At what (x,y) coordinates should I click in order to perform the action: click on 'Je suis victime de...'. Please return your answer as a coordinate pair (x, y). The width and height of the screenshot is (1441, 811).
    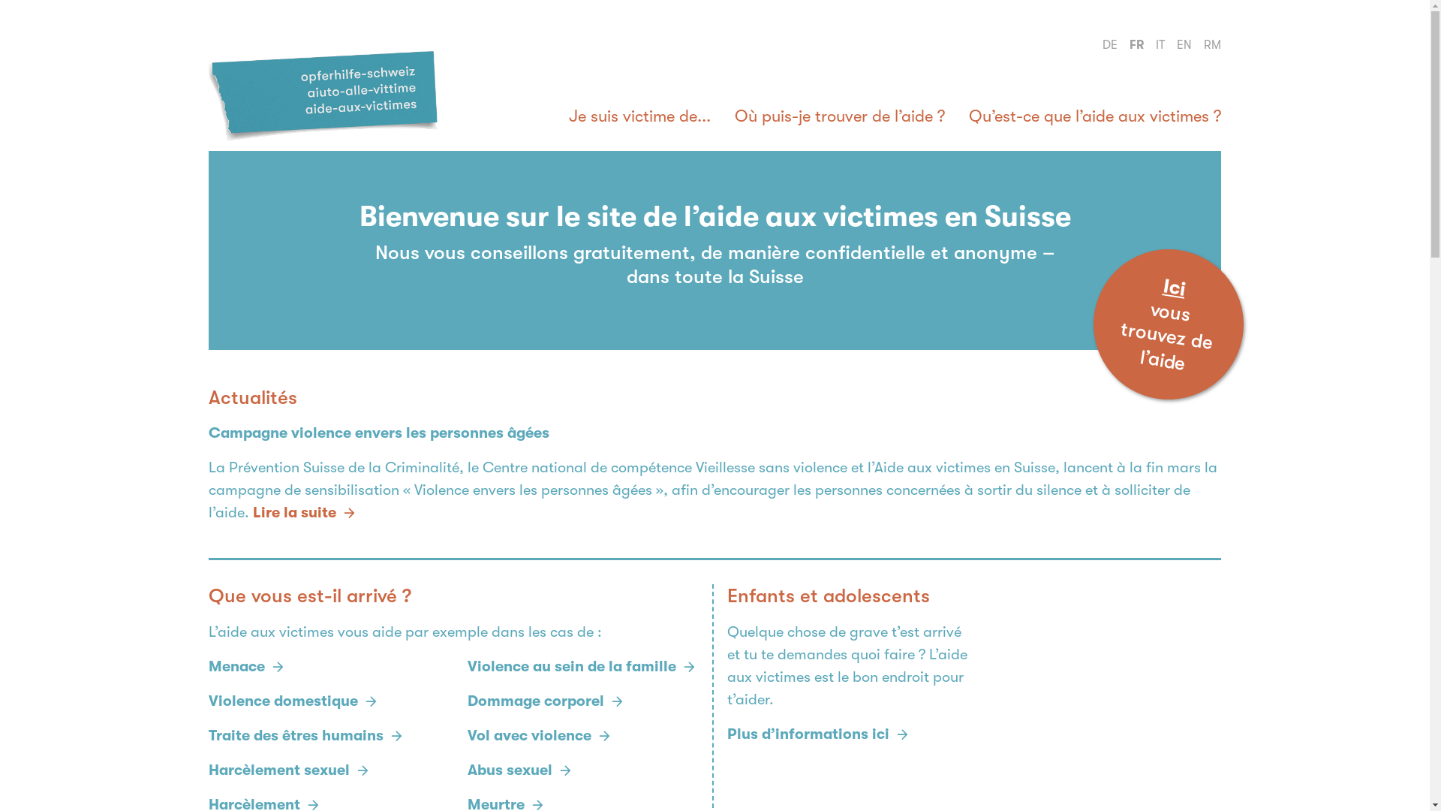
    Looking at the image, I should click on (639, 117).